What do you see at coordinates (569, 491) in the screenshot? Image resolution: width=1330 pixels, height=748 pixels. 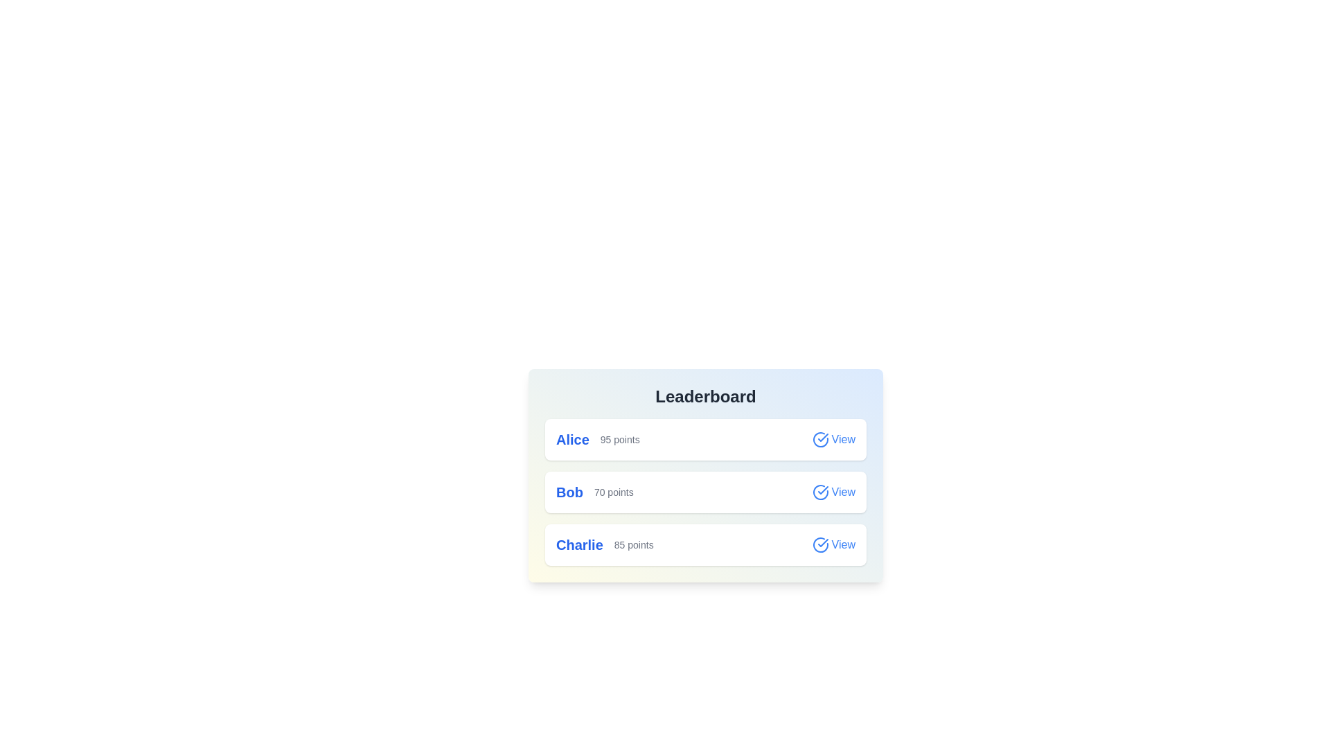 I see `the name of the participant Bob to select them` at bounding box center [569, 491].